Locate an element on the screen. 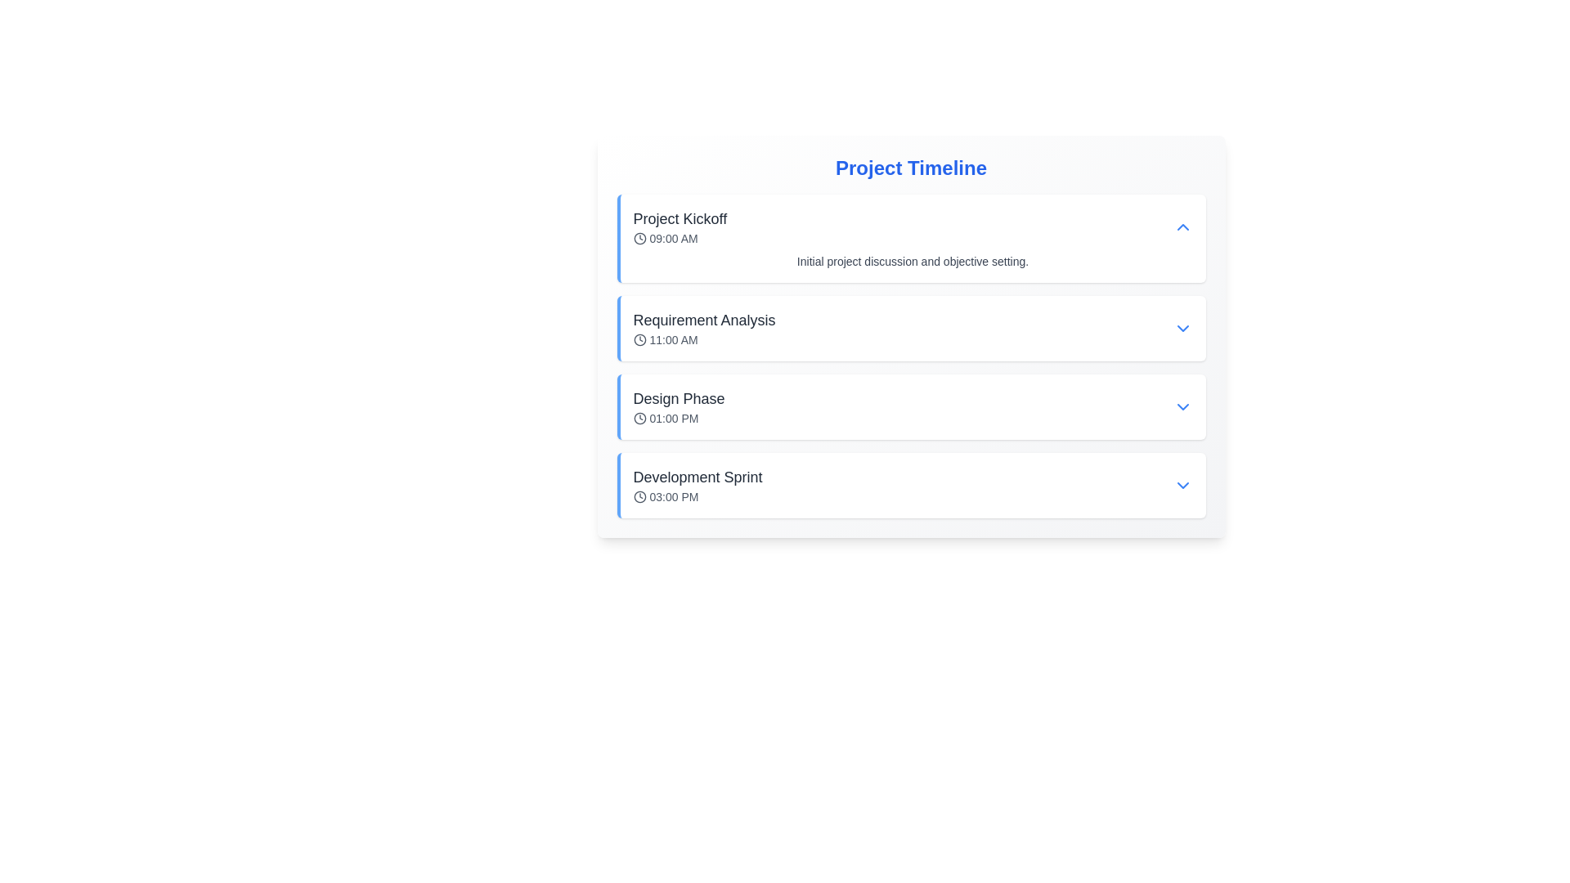 This screenshot has height=883, width=1570. the third Collapsible timeline item labeled 'Design Phase' in the 'Project Timeline' section is located at coordinates (910, 406).